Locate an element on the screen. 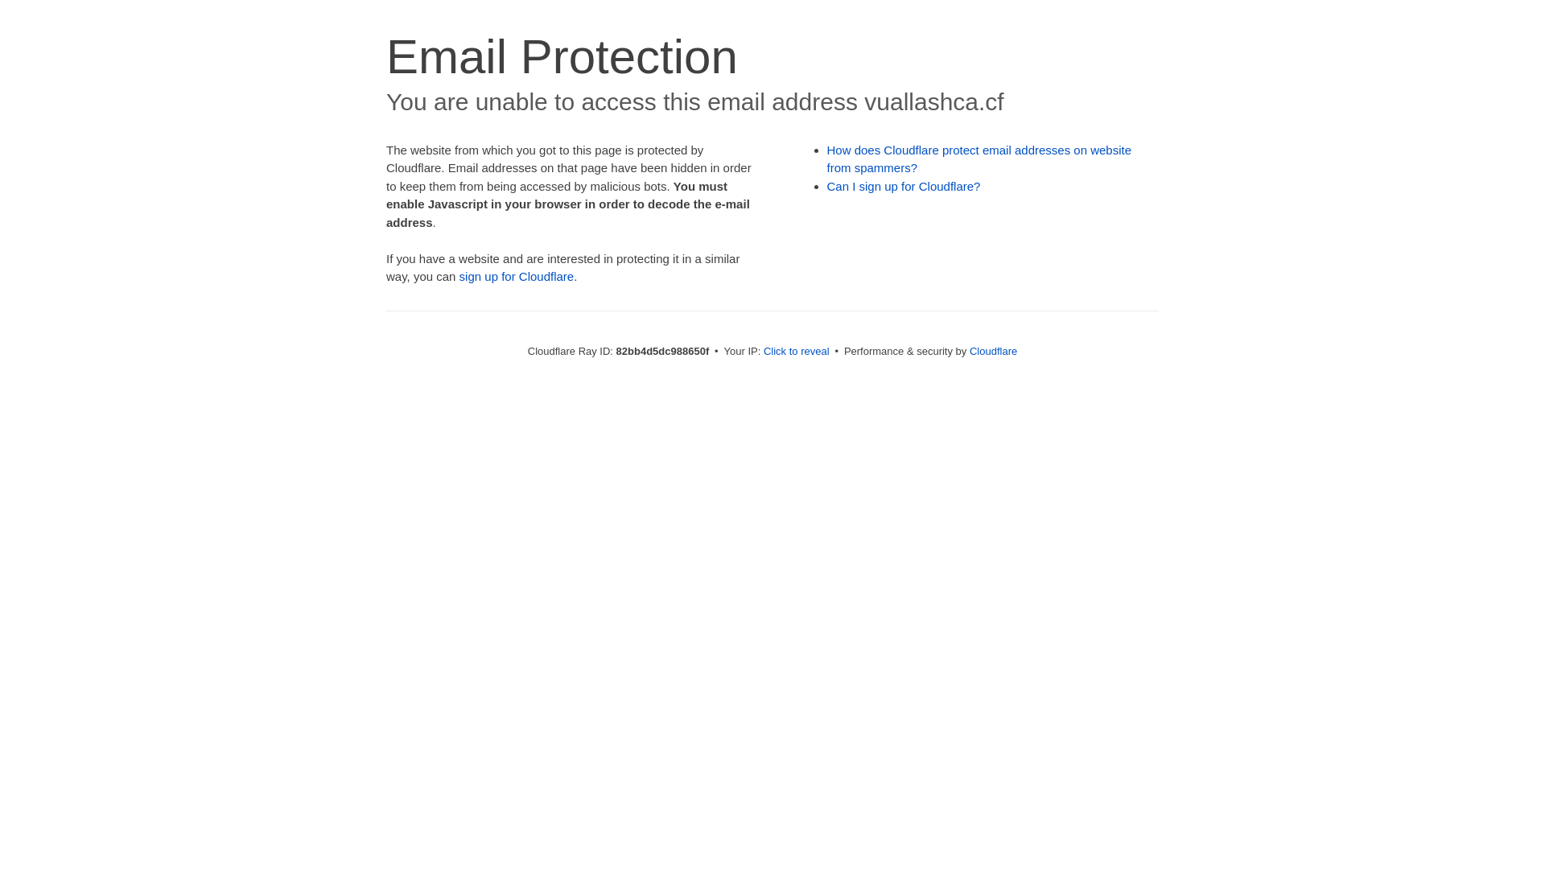  'sign up for Cloudflare' is located at coordinates (517, 275).